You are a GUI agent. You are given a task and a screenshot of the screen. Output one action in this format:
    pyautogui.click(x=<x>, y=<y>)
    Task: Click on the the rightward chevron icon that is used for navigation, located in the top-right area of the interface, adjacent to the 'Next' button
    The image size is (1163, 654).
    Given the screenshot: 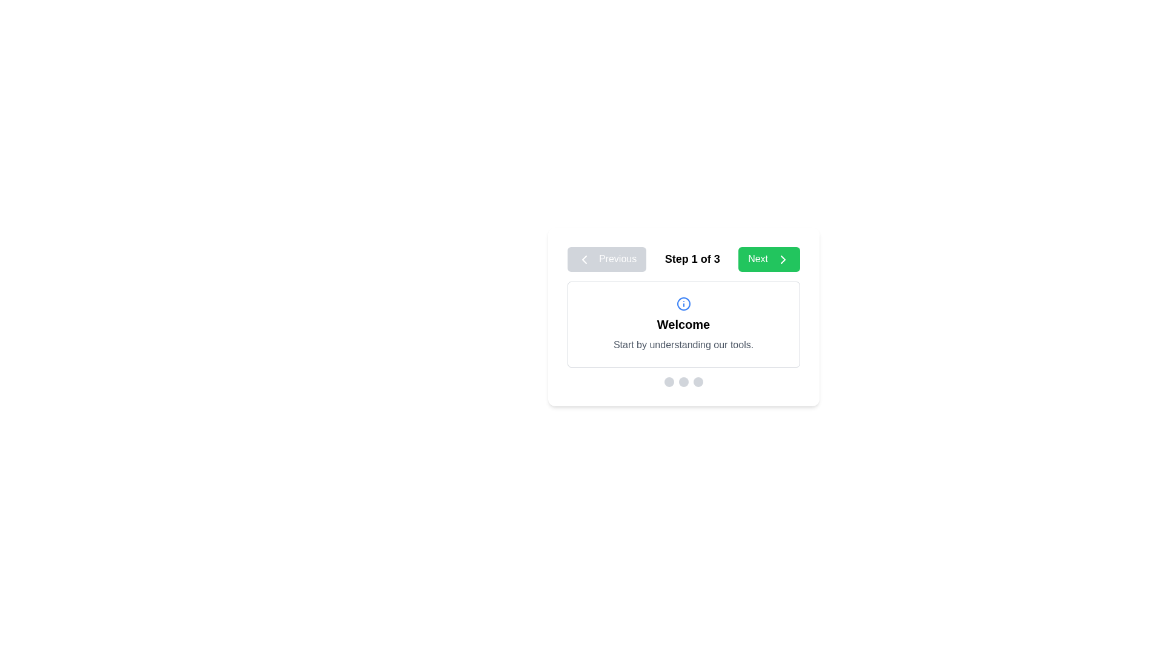 What is the action you would take?
    pyautogui.click(x=783, y=259)
    